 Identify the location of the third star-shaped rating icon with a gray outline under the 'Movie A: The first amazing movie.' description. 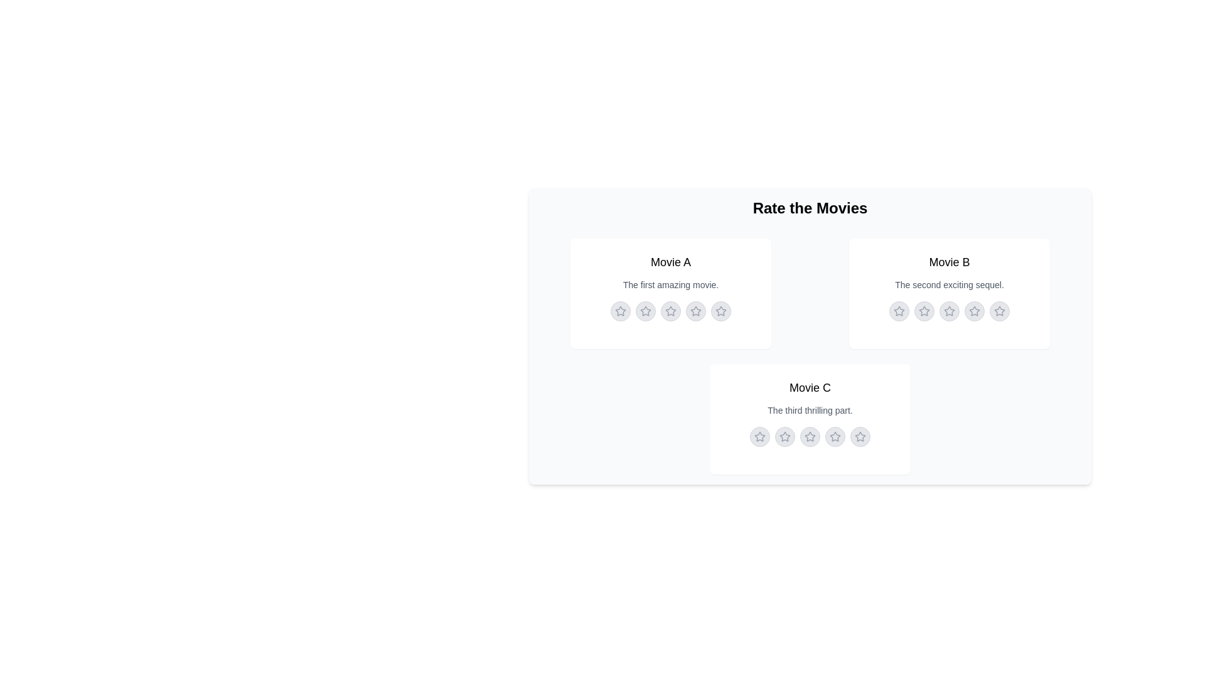
(670, 311).